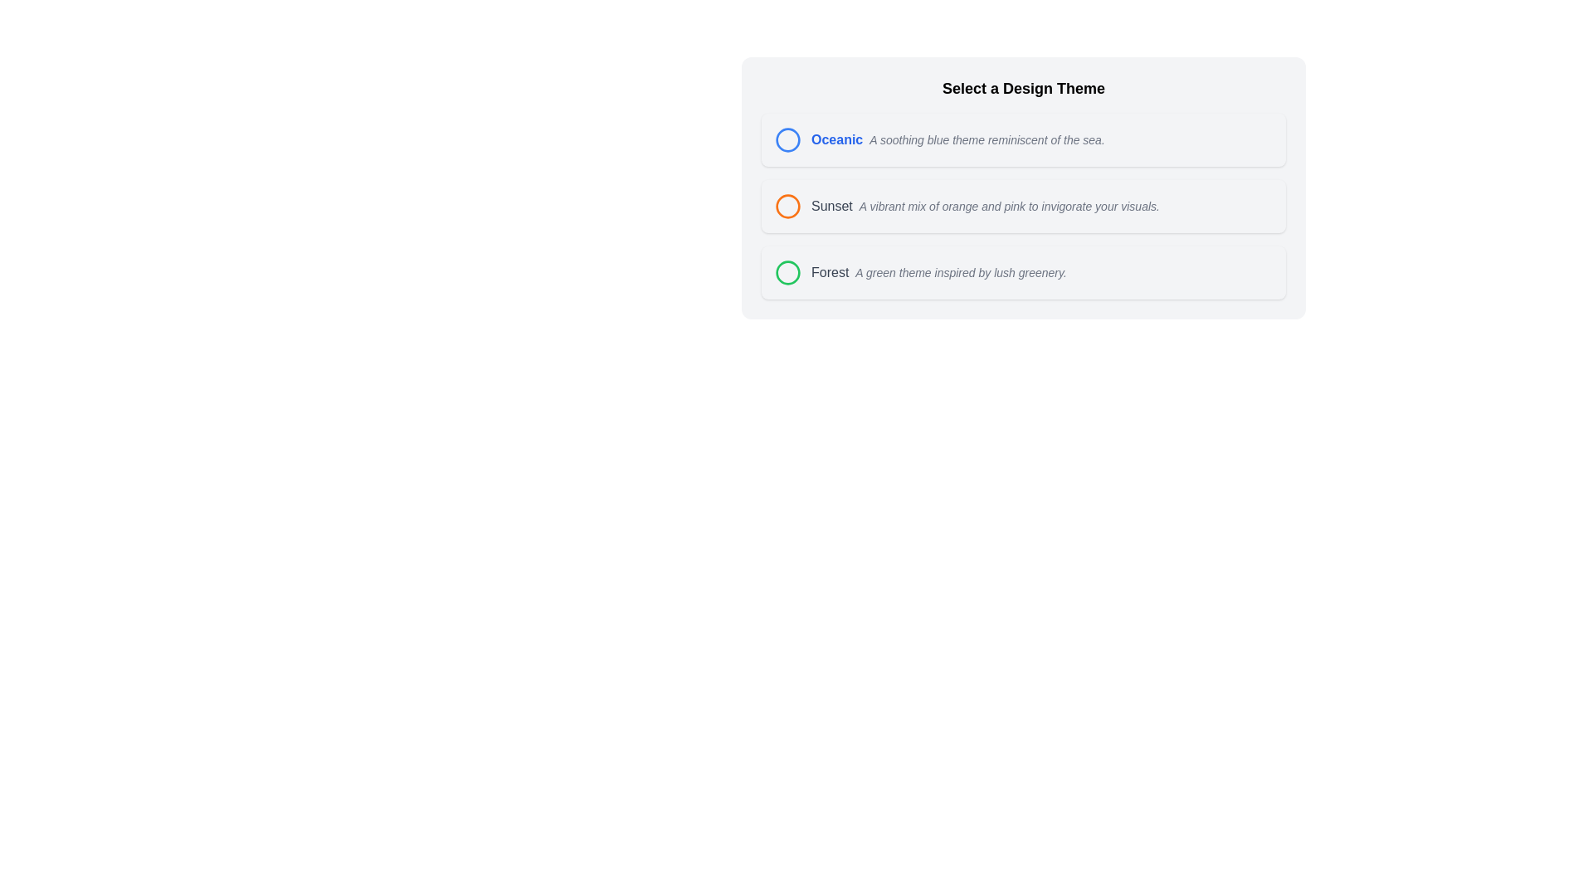 Image resolution: width=1593 pixels, height=896 pixels. What do you see at coordinates (1022, 271) in the screenshot?
I see `the selectable option element labeled 'Forest' which is styled with a green circular icon and is the third option in the design theme selection list` at bounding box center [1022, 271].